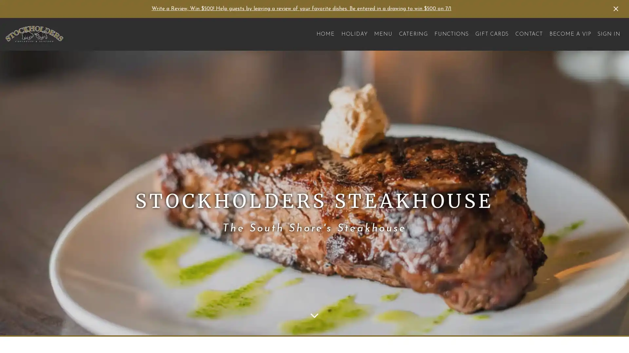 The height and width of the screenshot is (353, 629). Describe the element at coordinates (608, 34) in the screenshot. I see `SIGN IN` at that location.